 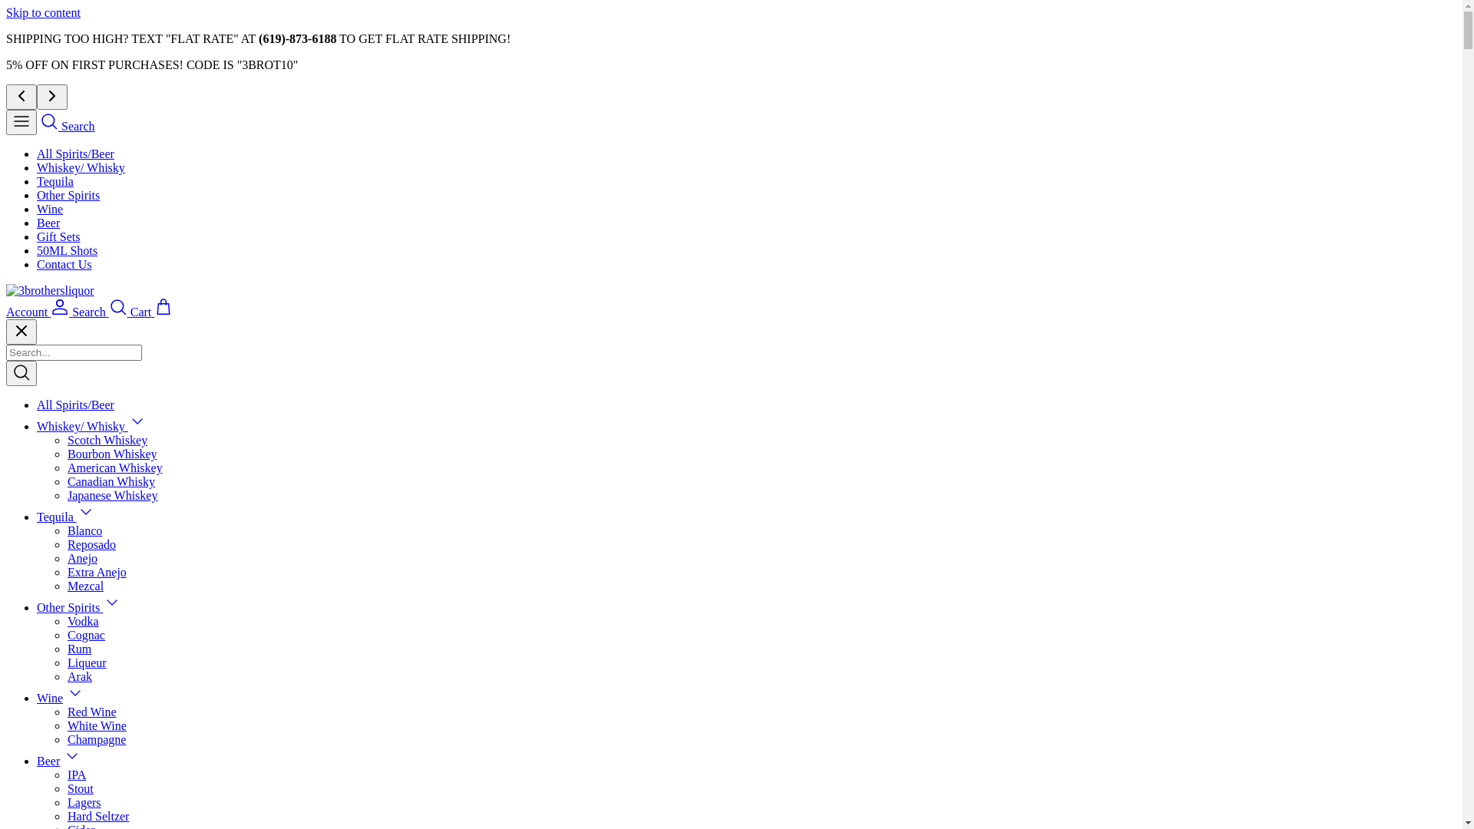 What do you see at coordinates (56, 517) in the screenshot?
I see `'Tequila'` at bounding box center [56, 517].